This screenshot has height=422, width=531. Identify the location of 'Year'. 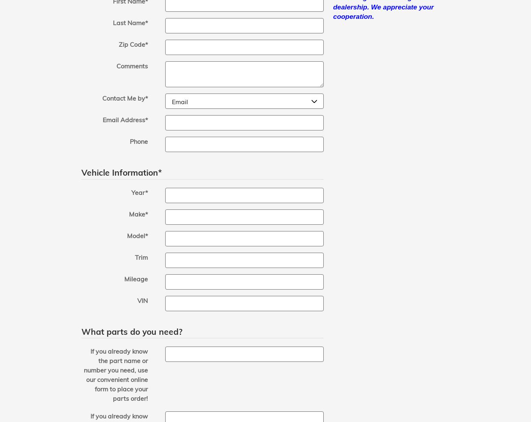
(138, 192).